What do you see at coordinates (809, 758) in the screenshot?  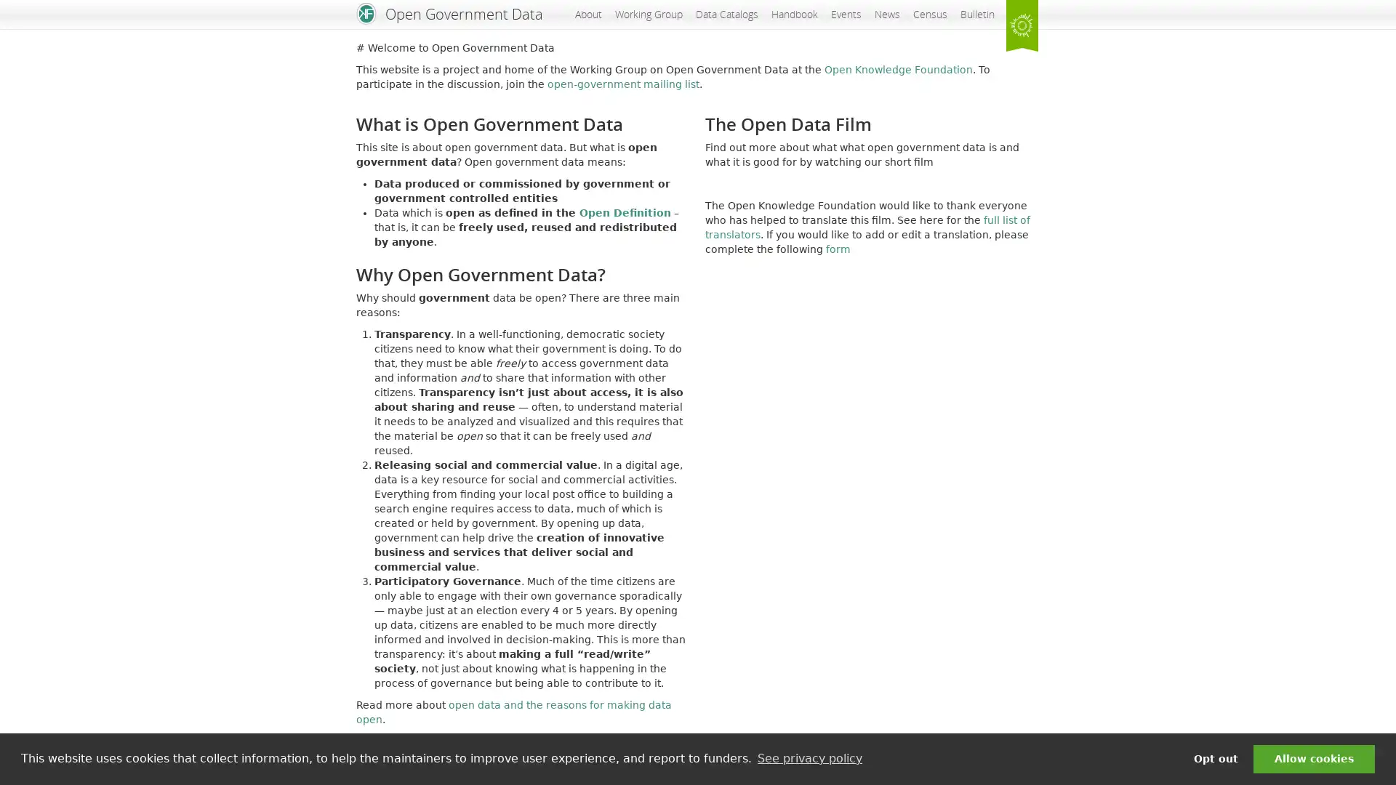 I see `learn more about cookies` at bounding box center [809, 758].